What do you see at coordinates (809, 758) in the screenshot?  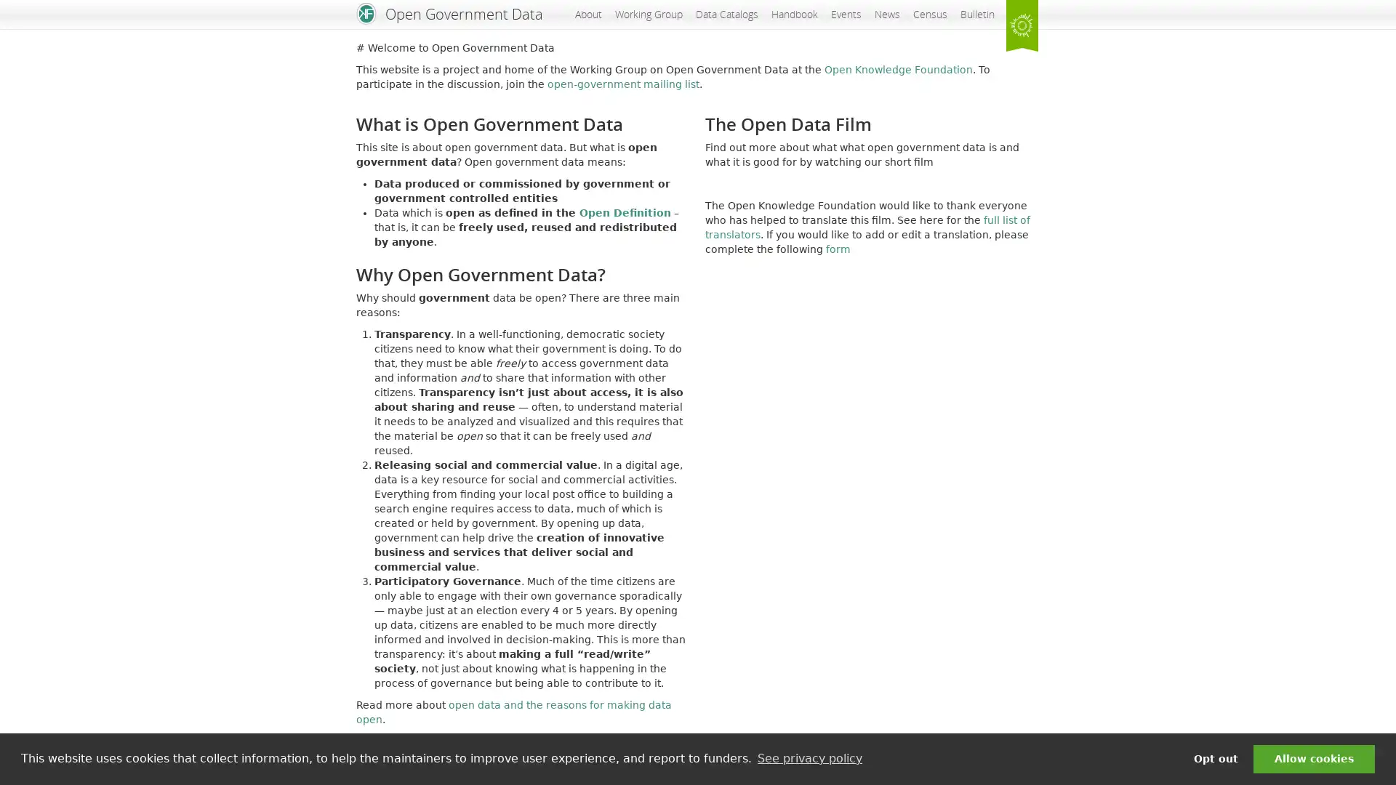 I see `learn more about cookies` at bounding box center [809, 758].